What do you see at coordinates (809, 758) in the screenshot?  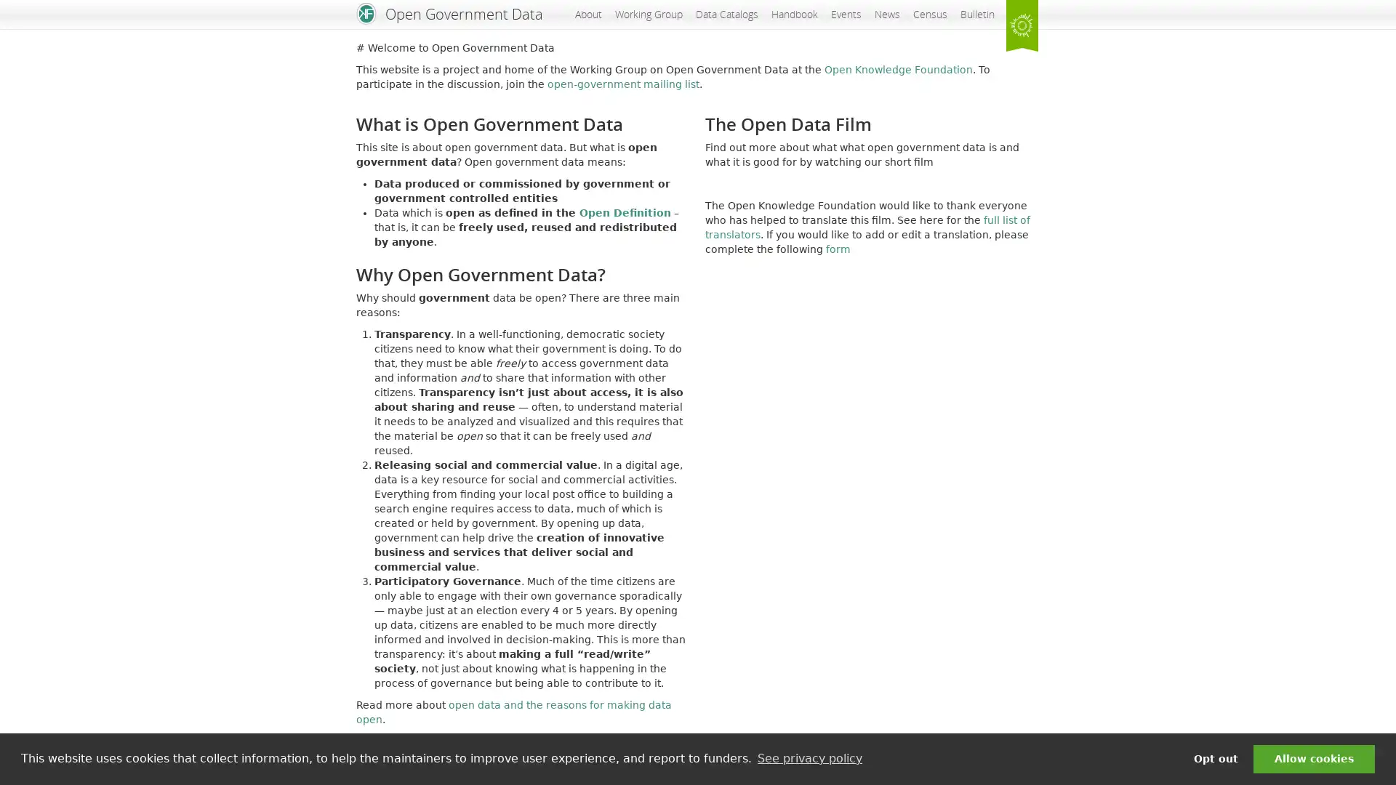 I see `learn more about cookies` at bounding box center [809, 758].